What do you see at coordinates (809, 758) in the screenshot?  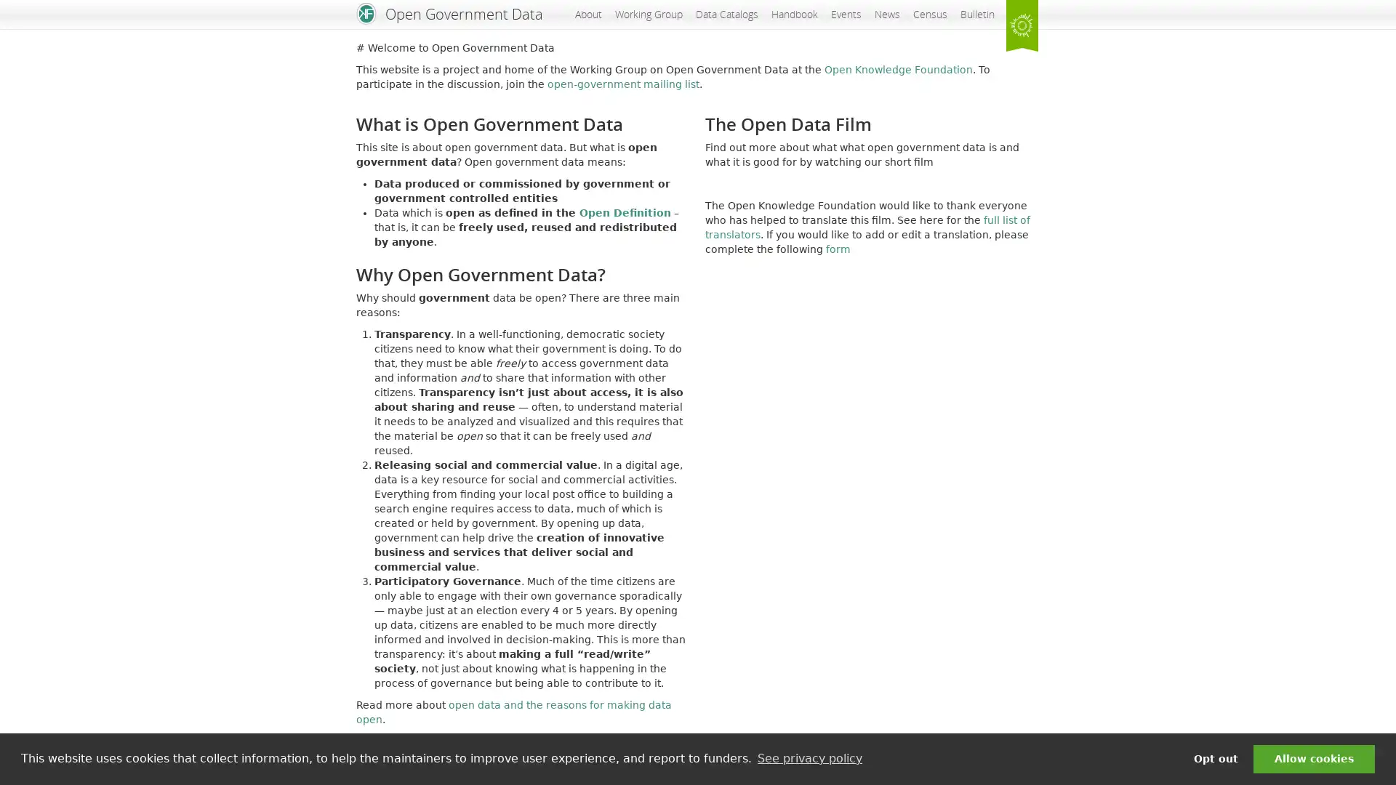 I see `learn more about cookies` at bounding box center [809, 758].